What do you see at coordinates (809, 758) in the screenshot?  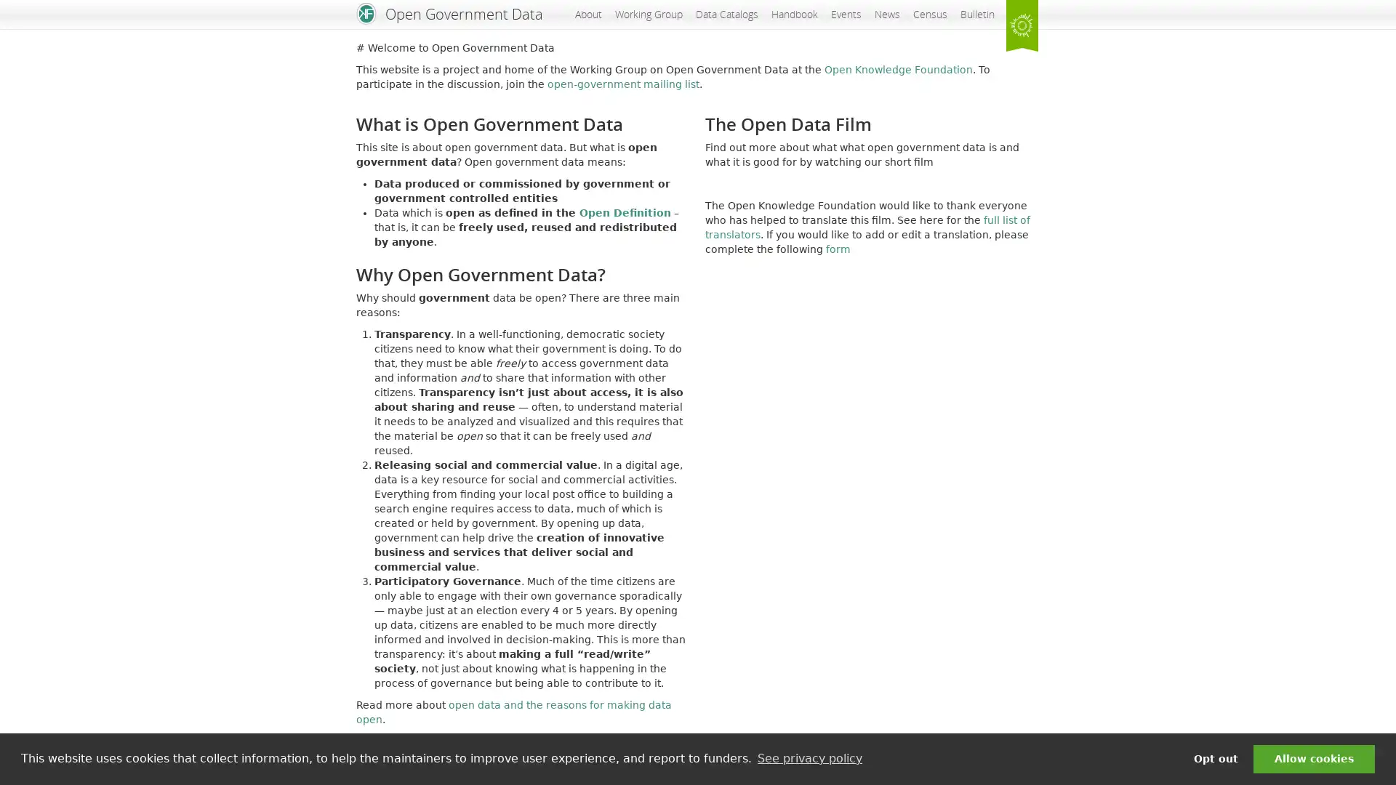 I see `learn more about cookies` at bounding box center [809, 758].